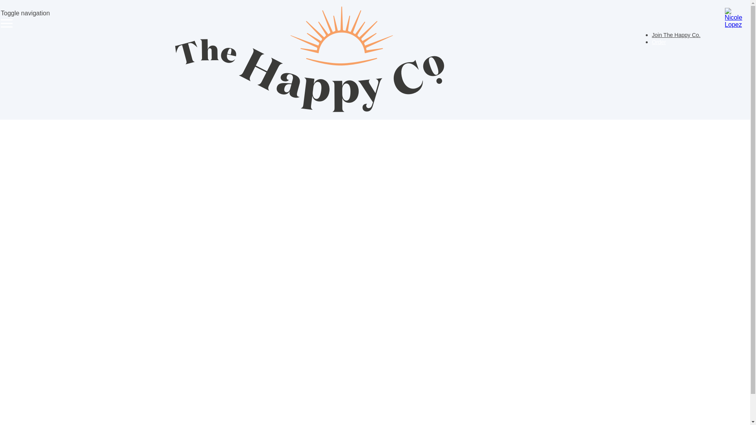 The image size is (756, 425). I want to click on 'Join The Happy Co.', so click(676, 34).